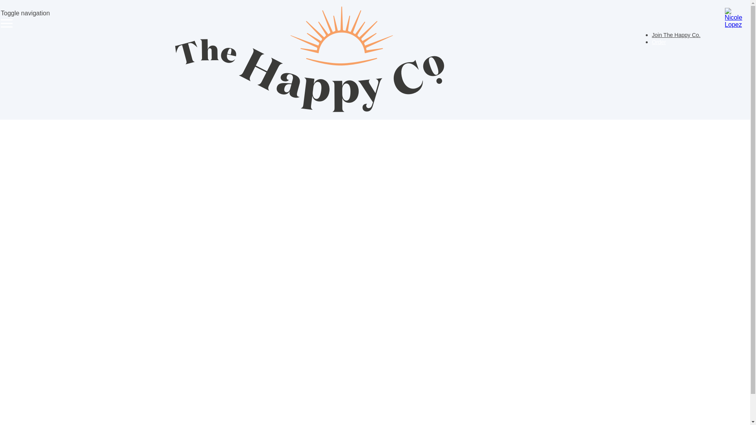 The image size is (756, 425). I want to click on 'Join The Happy Co.', so click(676, 34).